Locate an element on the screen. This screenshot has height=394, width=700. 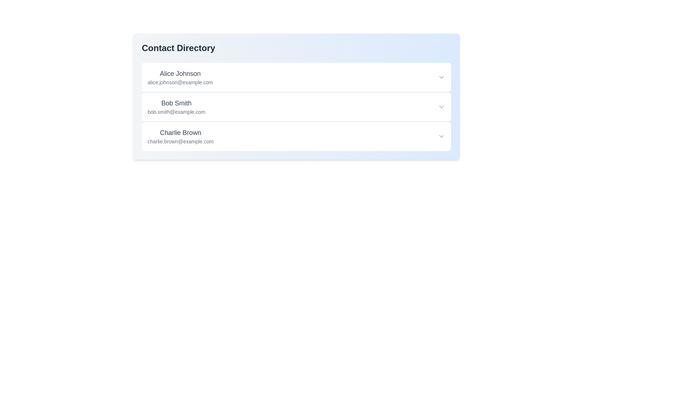
the text display showing the contact name and email address of 'Alice Johnson' is located at coordinates (180, 77).